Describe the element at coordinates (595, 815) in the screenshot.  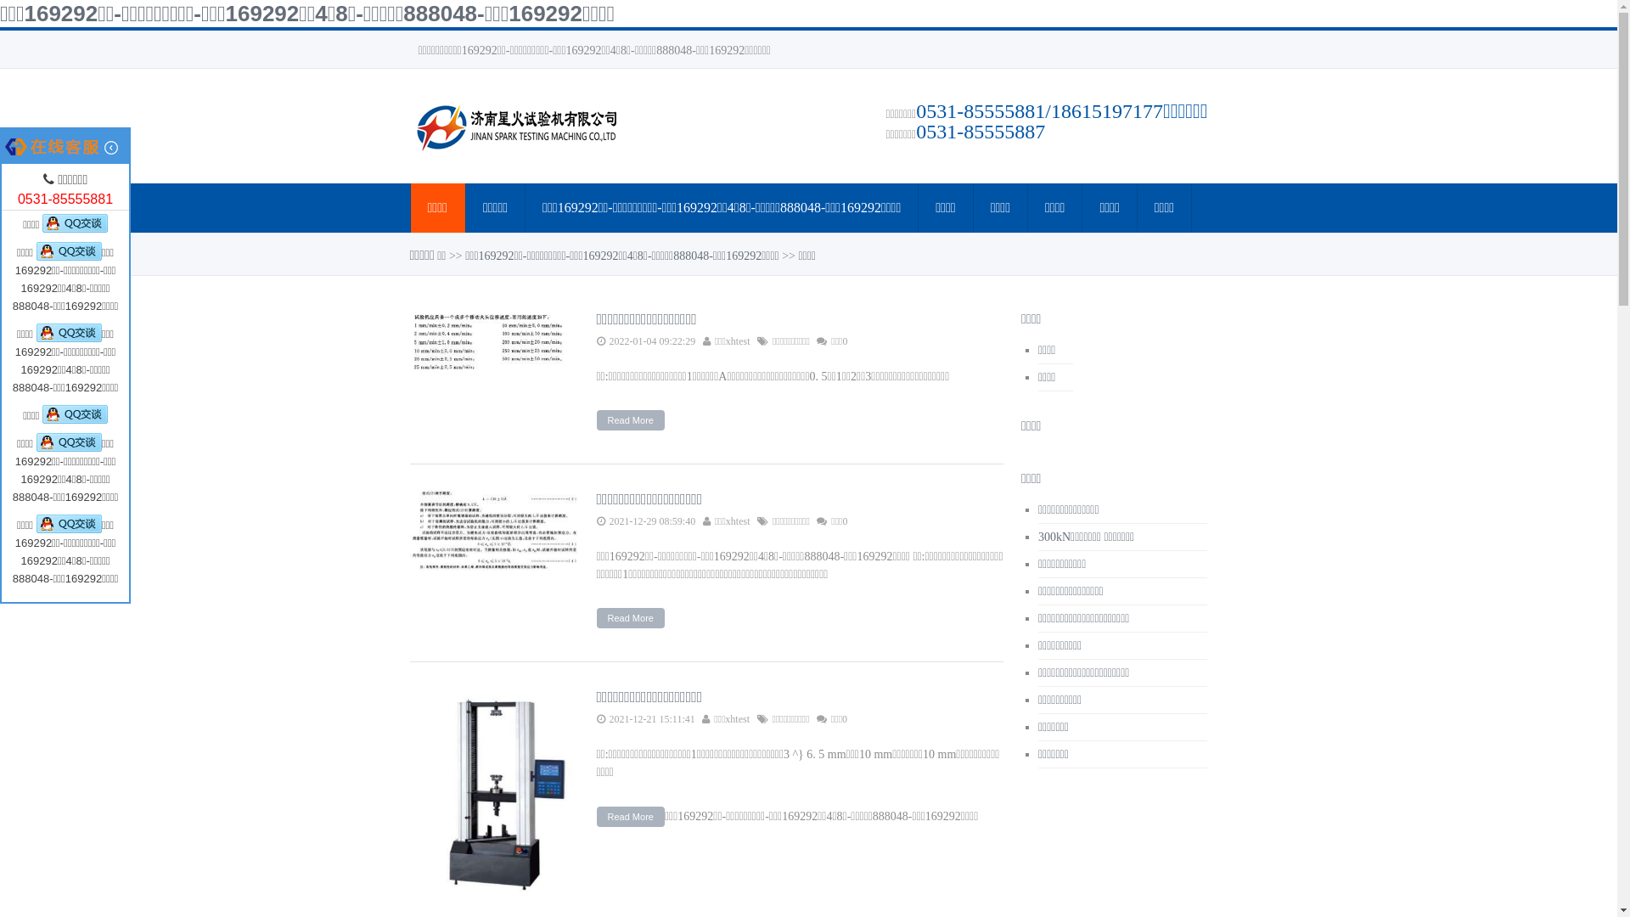
I see `'Read More'` at that location.